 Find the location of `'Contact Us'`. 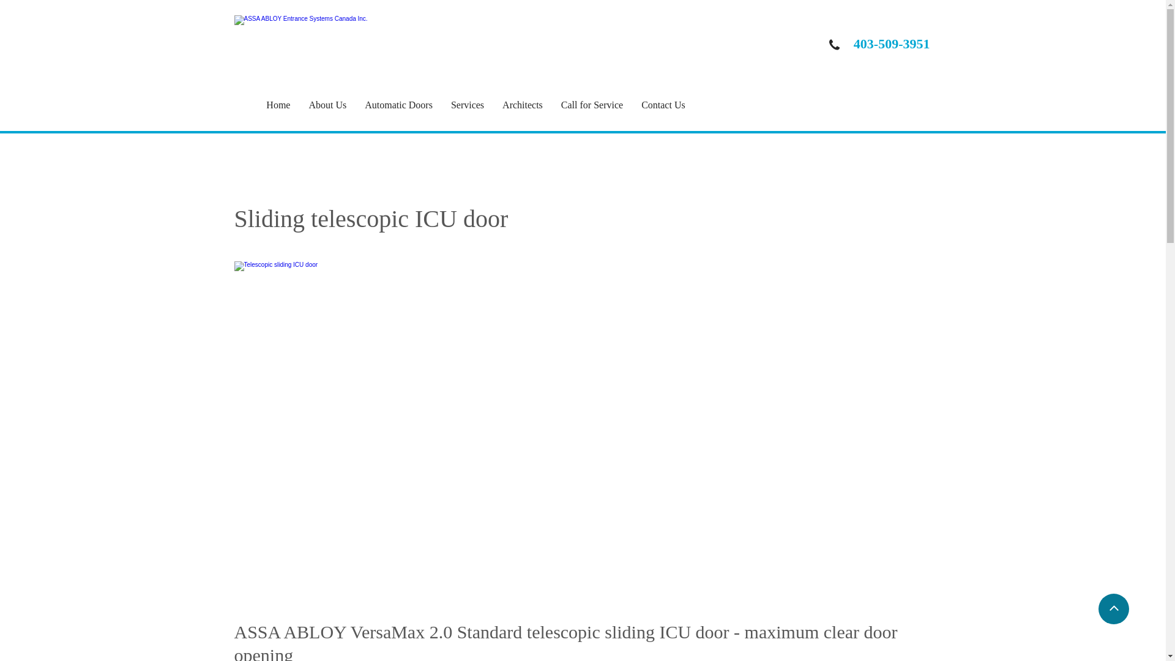

'Contact Us' is located at coordinates (672, 105).